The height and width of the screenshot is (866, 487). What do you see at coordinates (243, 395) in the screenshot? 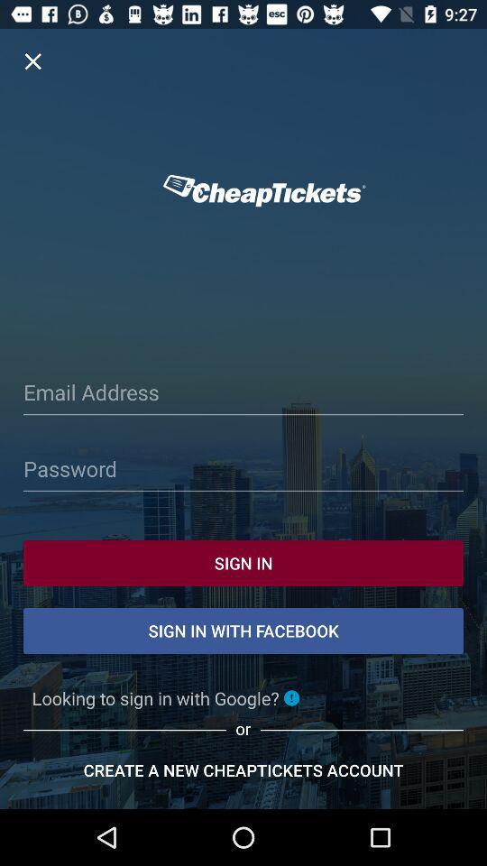
I see `the text box which says email address` at bounding box center [243, 395].